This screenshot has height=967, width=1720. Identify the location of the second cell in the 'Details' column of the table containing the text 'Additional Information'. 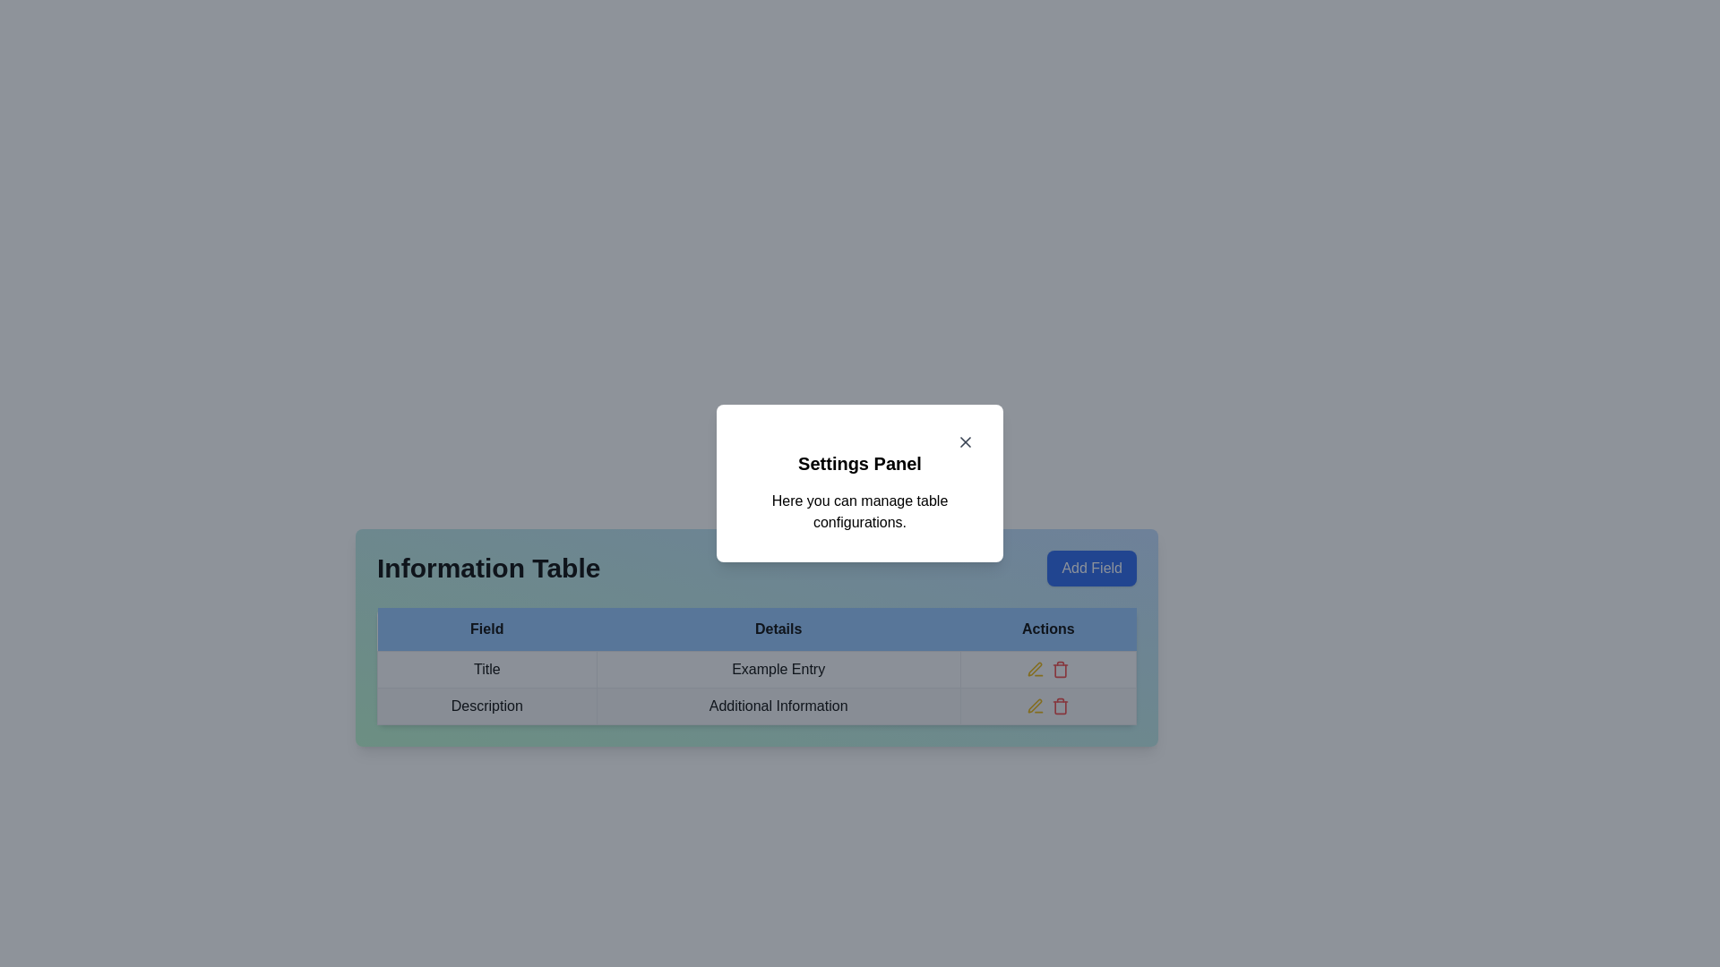
(778, 706).